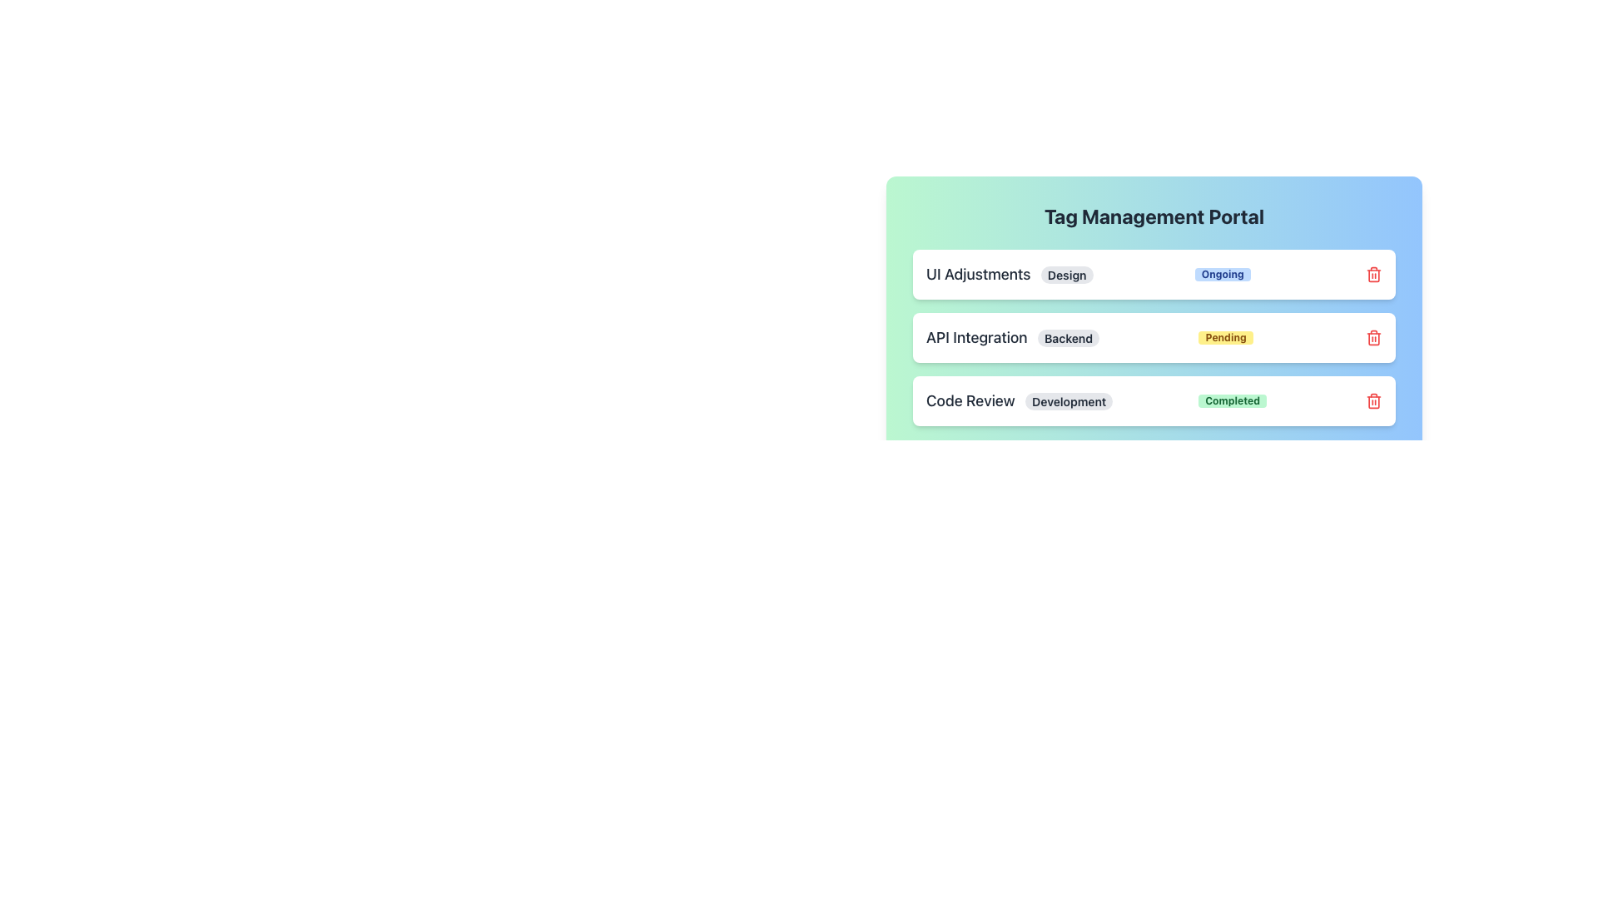 The image size is (1598, 899). Describe the element at coordinates (1226, 337) in the screenshot. I see `text 'Pending' from the status label indicating the current status of the 'API Integration' task, which is located in the middle card of the vertically stacked tasks` at that location.